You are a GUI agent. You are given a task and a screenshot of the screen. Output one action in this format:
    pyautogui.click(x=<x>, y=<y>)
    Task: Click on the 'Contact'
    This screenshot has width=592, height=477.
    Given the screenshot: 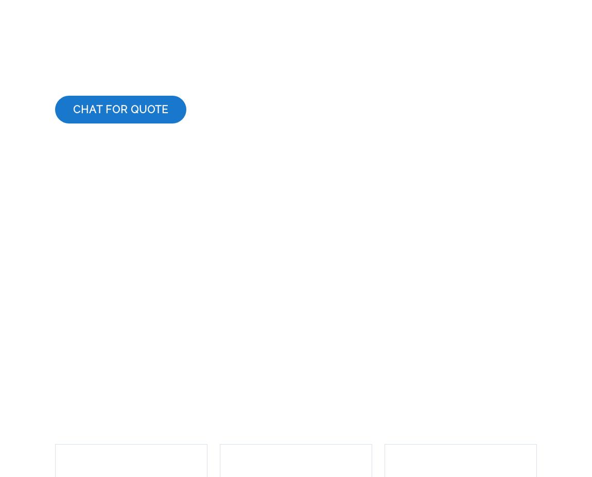 What is the action you would take?
    pyautogui.click(x=160, y=376)
    